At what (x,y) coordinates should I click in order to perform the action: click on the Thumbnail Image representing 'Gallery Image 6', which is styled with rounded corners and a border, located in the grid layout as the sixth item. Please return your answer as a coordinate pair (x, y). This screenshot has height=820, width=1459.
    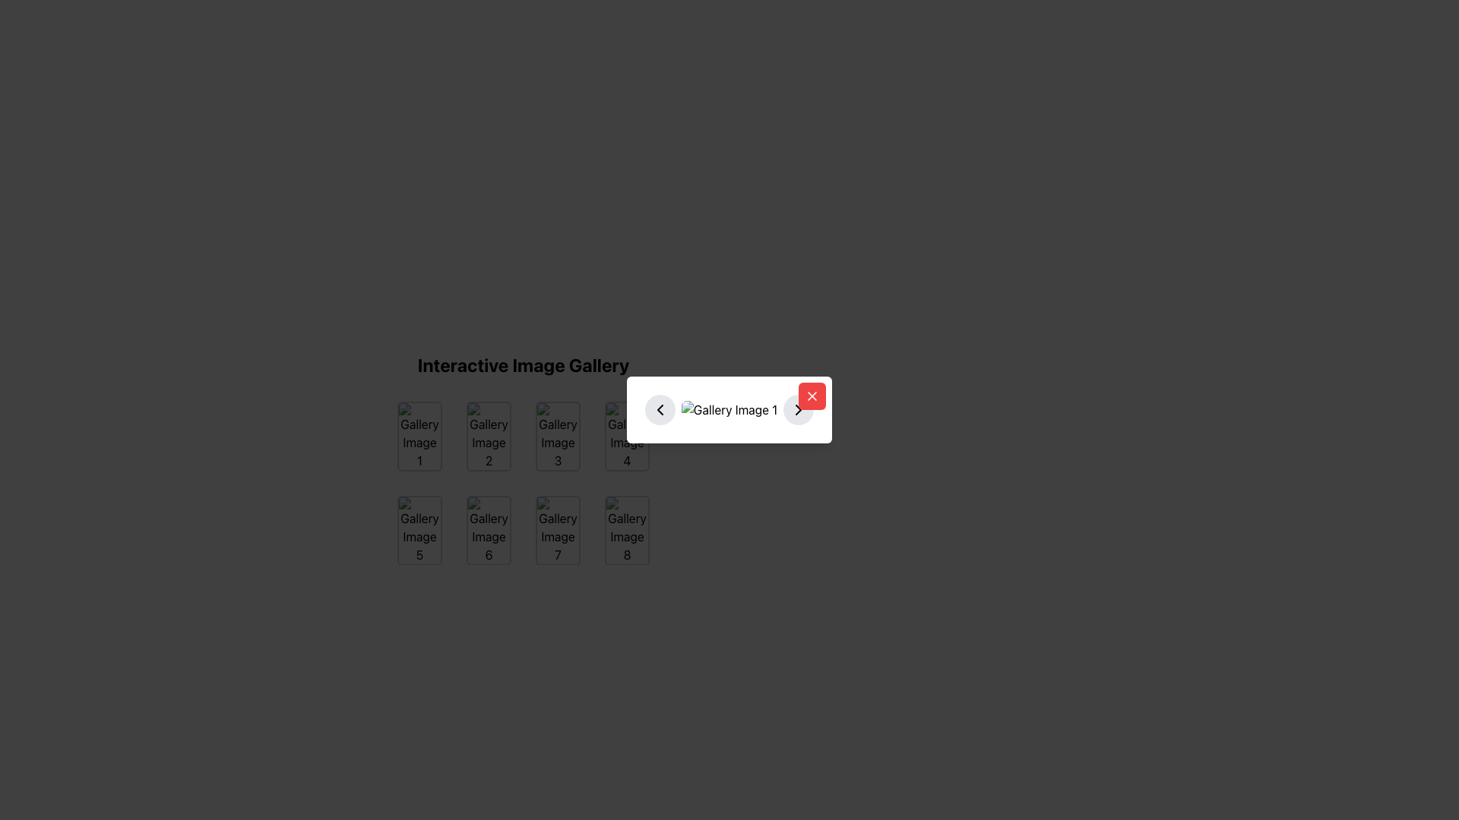
    Looking at the image, I should click on (489, 529).